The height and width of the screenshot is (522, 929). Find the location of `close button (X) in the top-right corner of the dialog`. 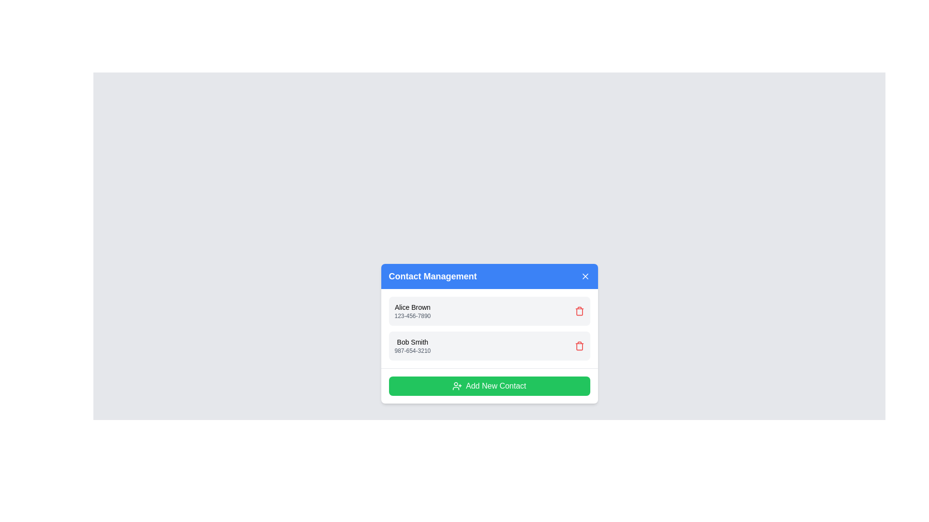

close button (X) in the top-right corner of the dialog is located at coordinates (584, 276).